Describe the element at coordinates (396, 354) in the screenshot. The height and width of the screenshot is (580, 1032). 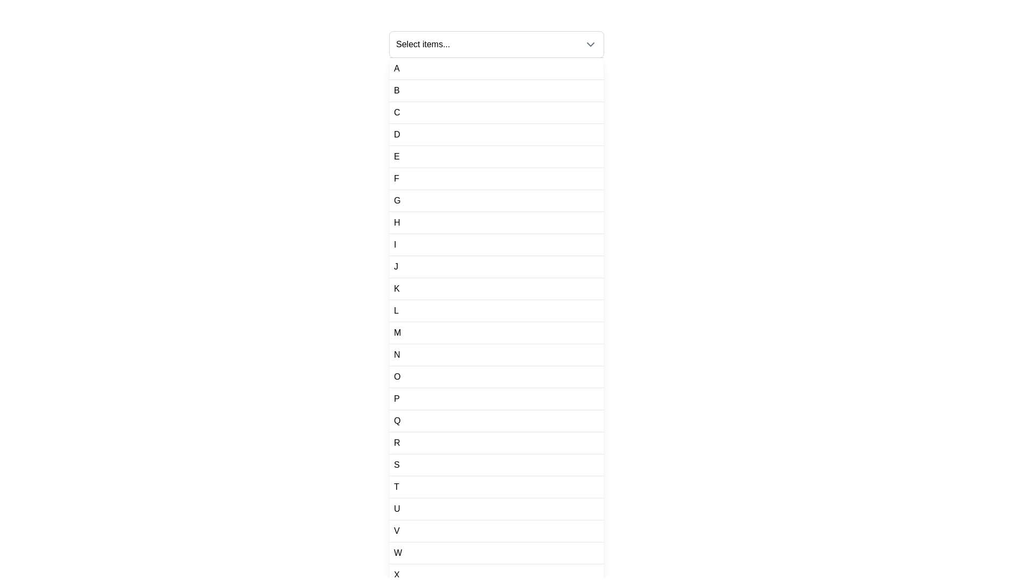
I see `the letter 'N' in the alphabetical list` at that location.